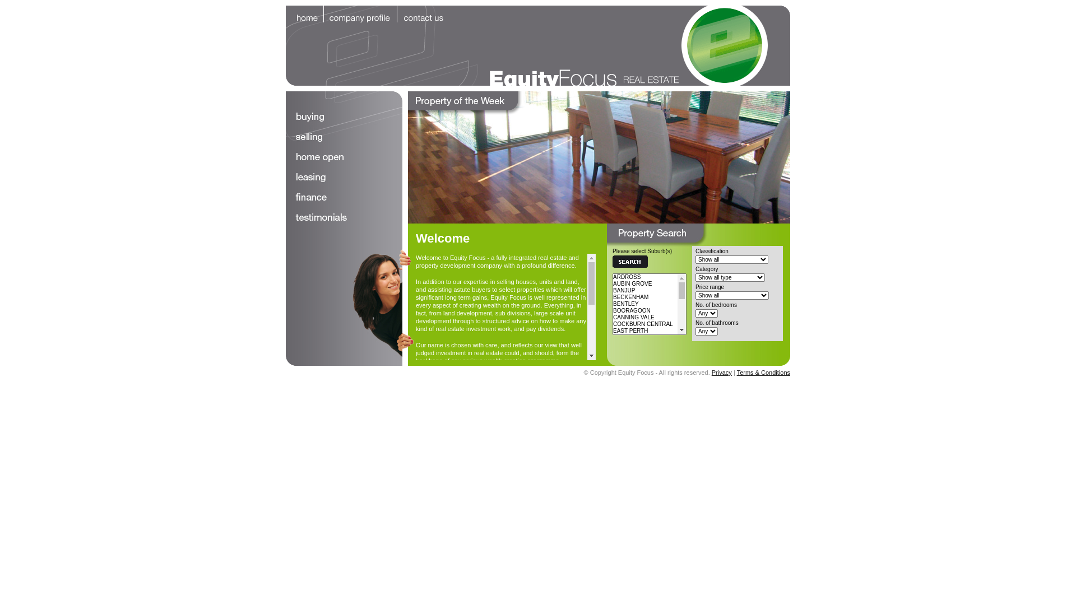  What do you see at coordinates (423, 13) in the screenshot?
I see `'contact us'` at bounding box center [423, 13].